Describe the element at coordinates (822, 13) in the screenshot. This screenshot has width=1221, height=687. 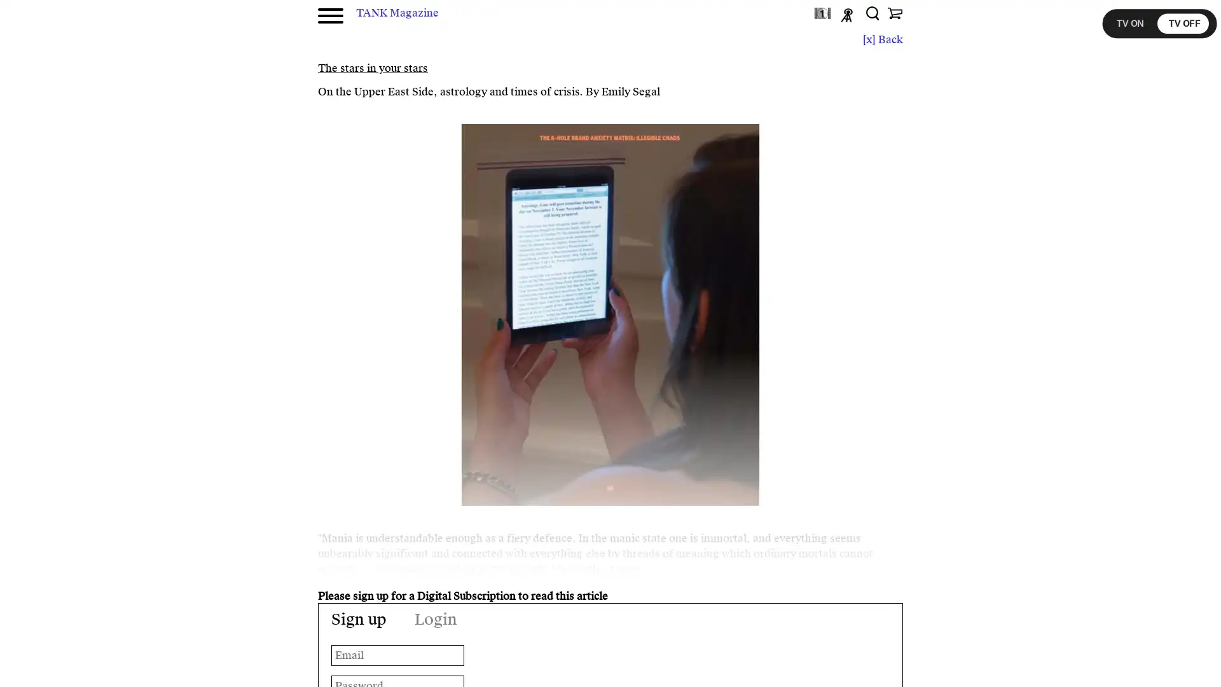
I see `TANKtv` at that location.